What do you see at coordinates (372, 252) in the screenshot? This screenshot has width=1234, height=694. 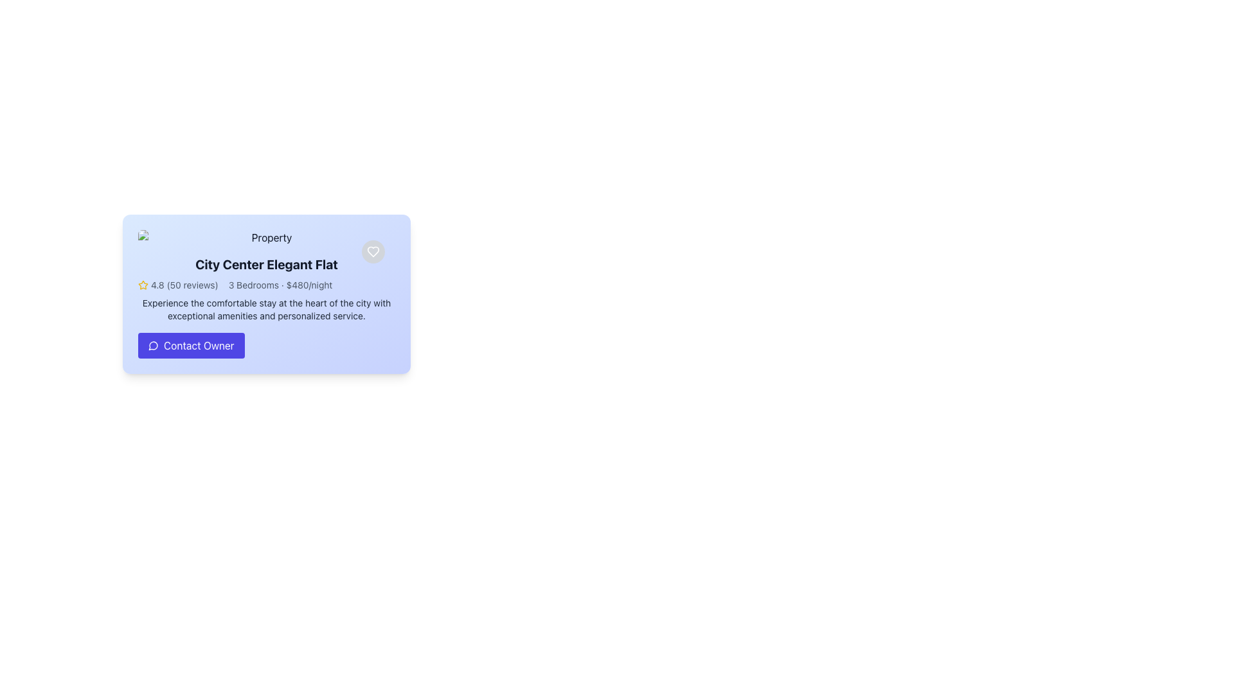 I see `the circular gray button with a white heart outline` at bounding box center [372, 252].